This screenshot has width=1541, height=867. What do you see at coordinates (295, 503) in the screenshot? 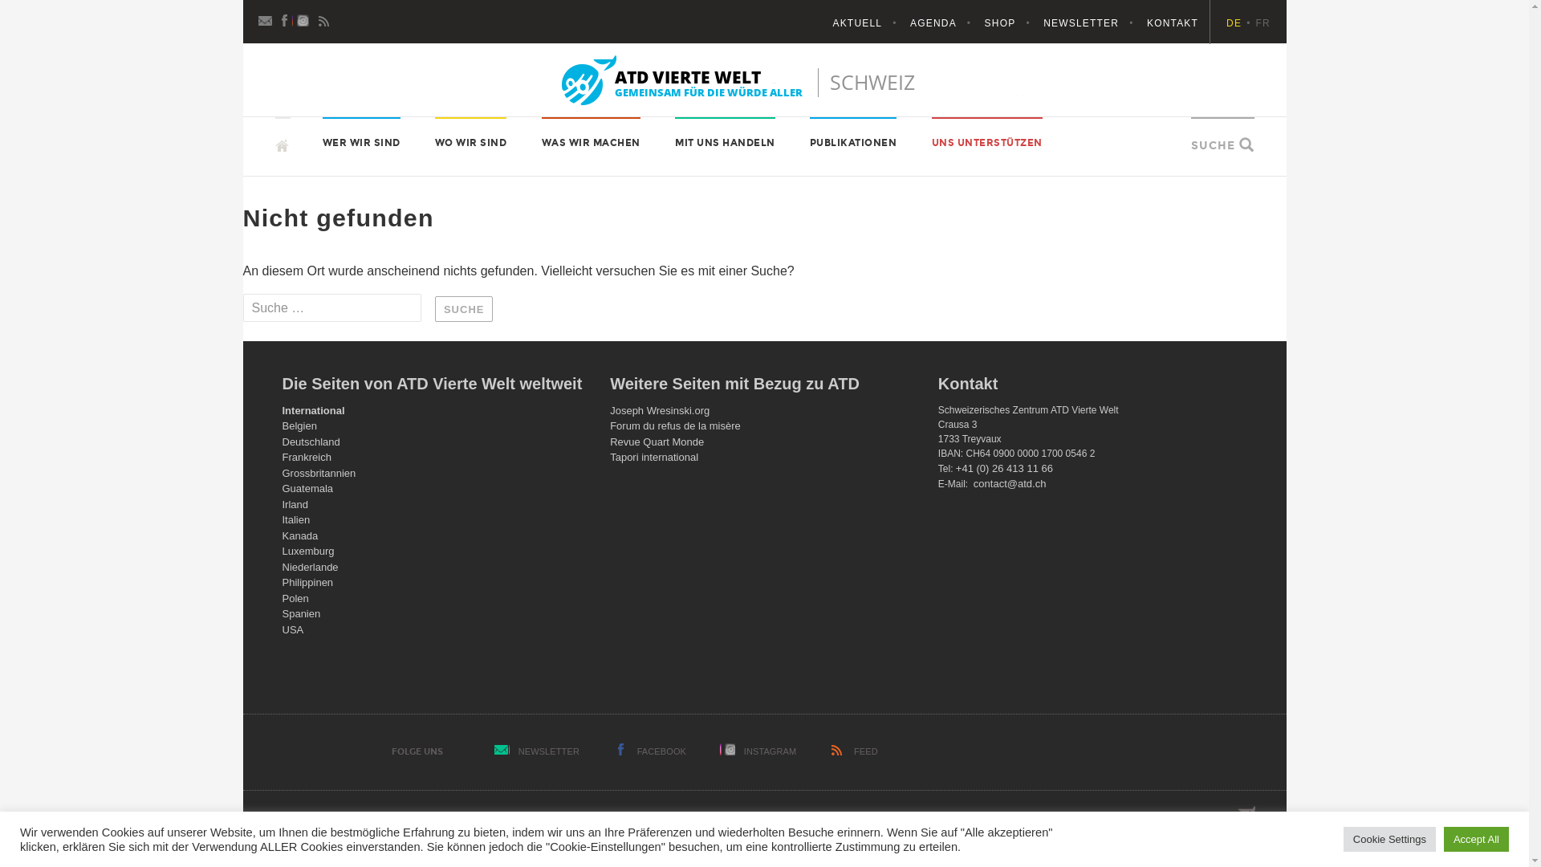
I see `'Irland'` at bounding box center [295, 503].